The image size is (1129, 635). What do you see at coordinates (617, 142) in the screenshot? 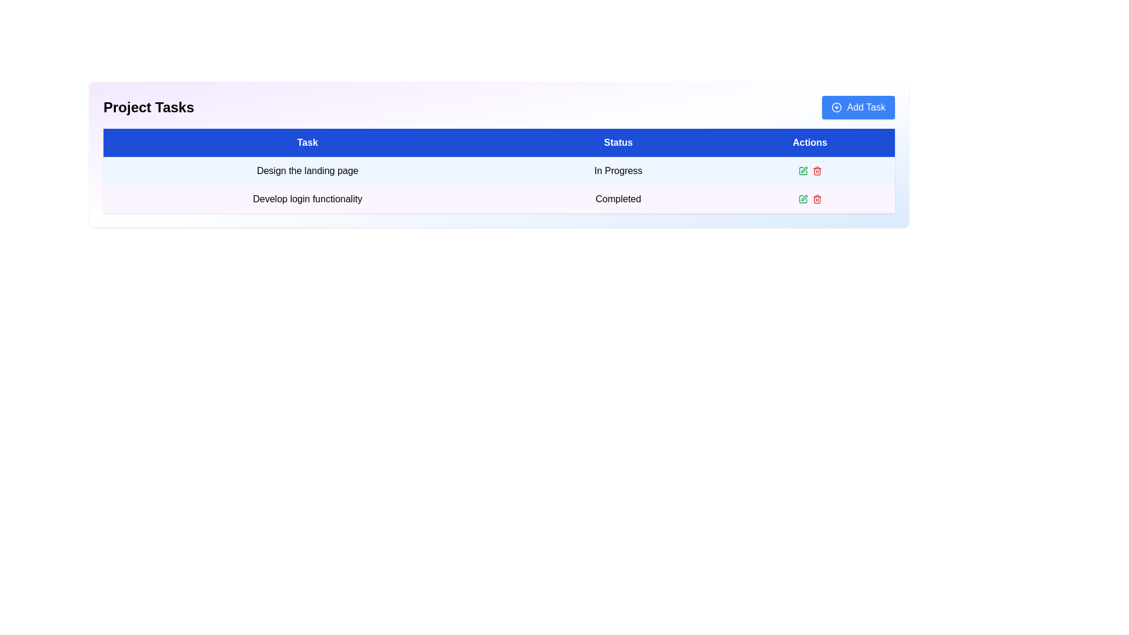
I see `the 'Status' column header in the table` at bounding box center [617, 142].